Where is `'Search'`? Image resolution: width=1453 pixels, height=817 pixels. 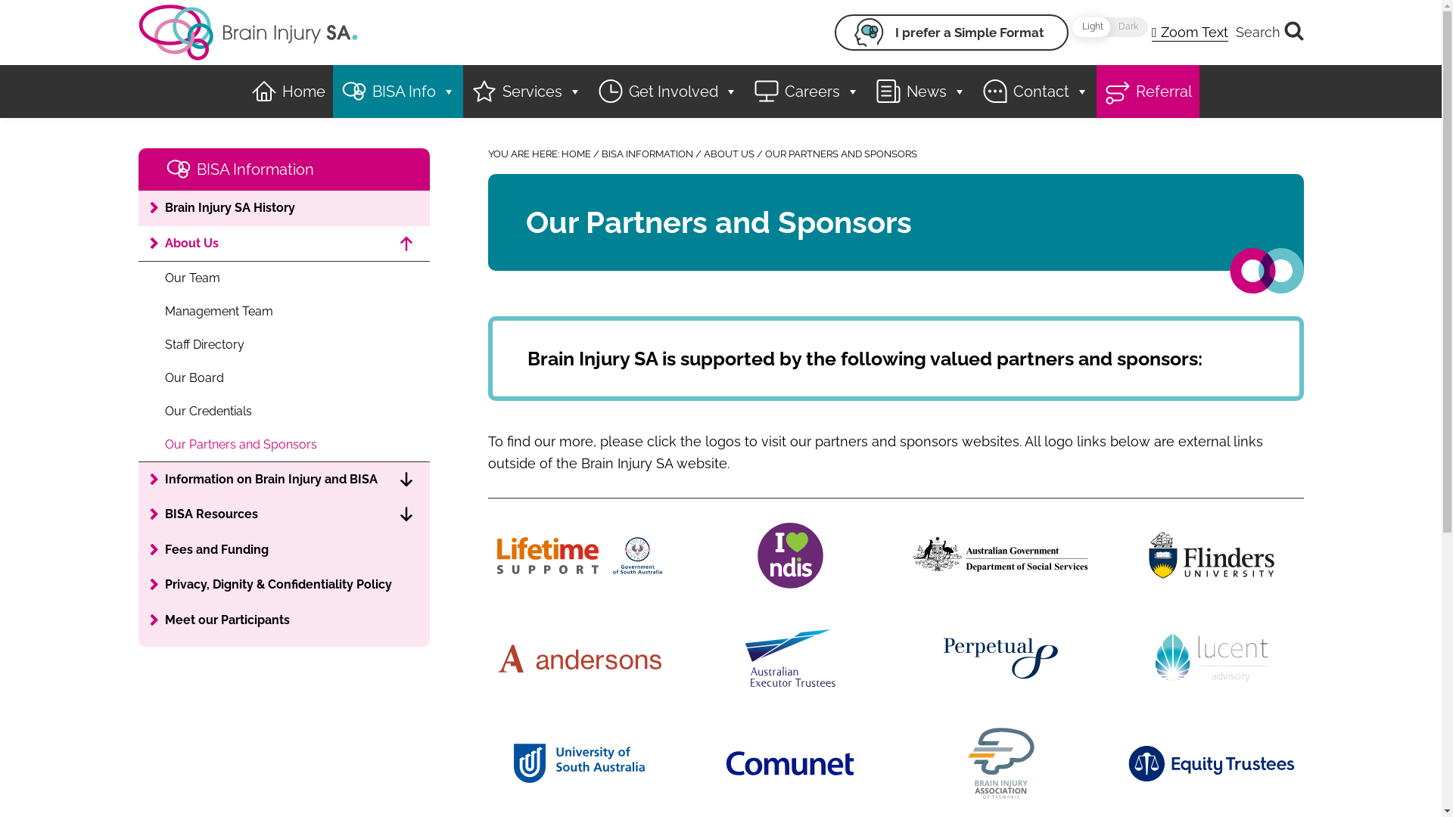
'Search' is located at coordinates (1235, 32).